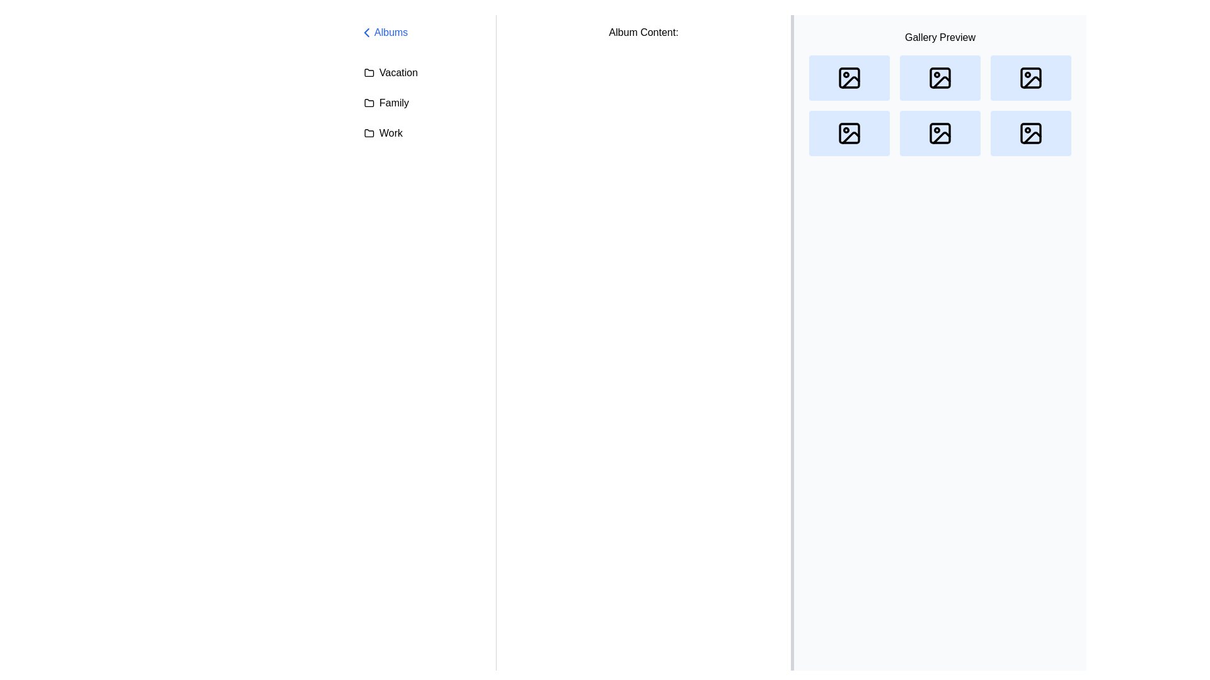 This screenshot has width=1210, height=680. What do you see at coordinates (850, 133) in the screenshot?
I see `the image placeholder` at bounding box center [850, 133].